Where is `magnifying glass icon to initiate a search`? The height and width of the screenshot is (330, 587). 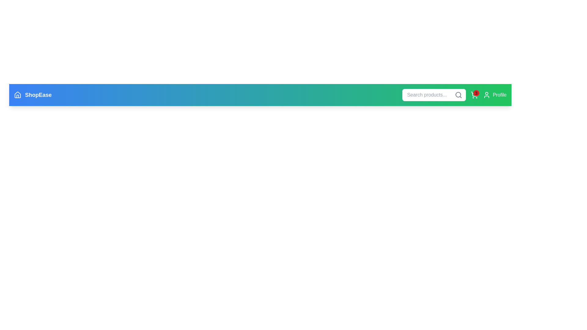 magnifying glass icon to initiate a search is located at coordinates (458, 95).